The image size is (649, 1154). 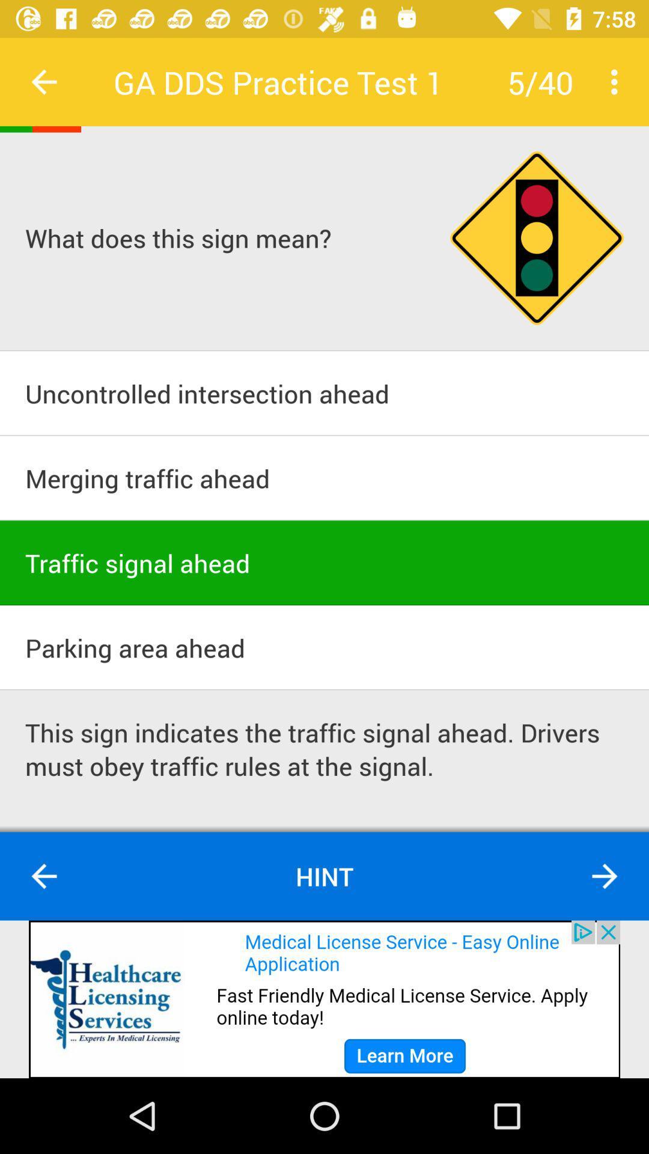 I want to click on the arrow_forward icon, so click(x=605, y=876).